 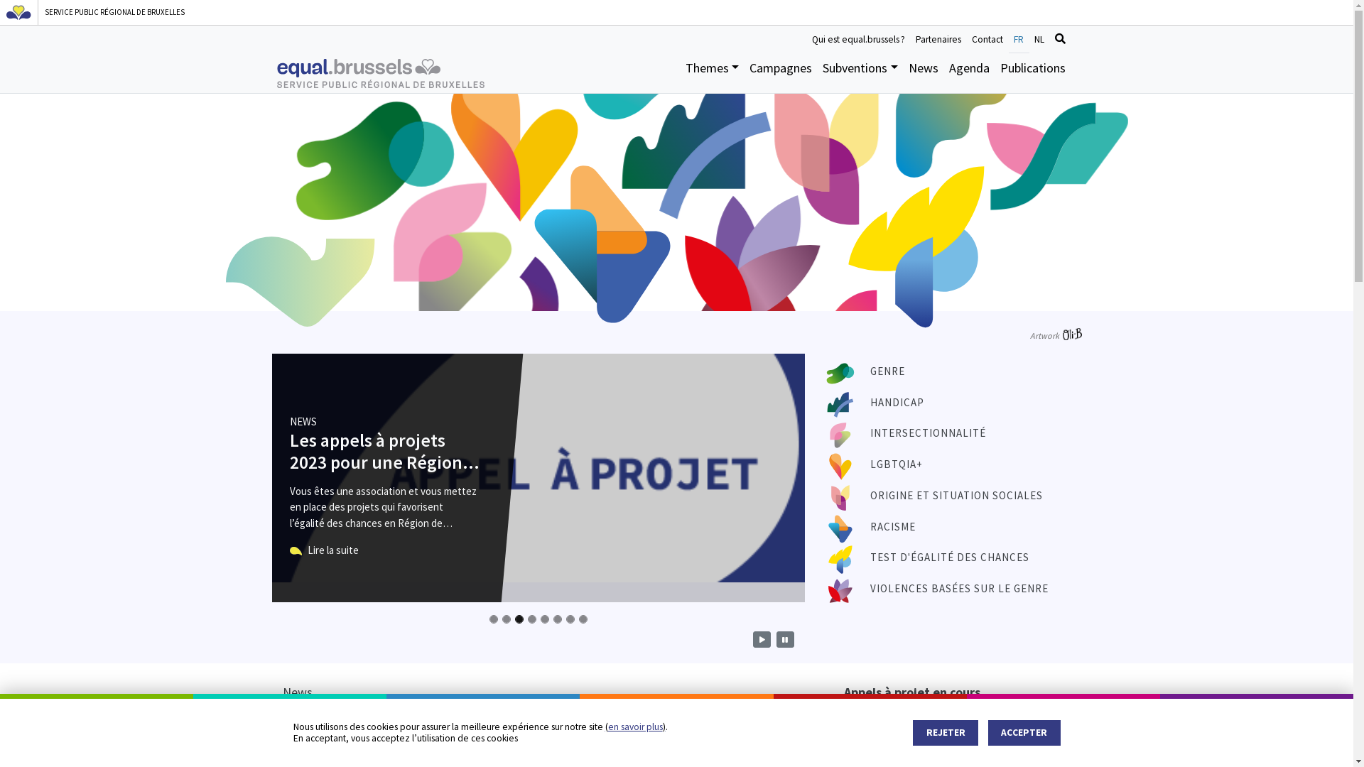 What do you see at coordinates (784, 639) in the screenshot?
I see `'Mettre le diaporama en pause'` at bounding box center [784, 639].